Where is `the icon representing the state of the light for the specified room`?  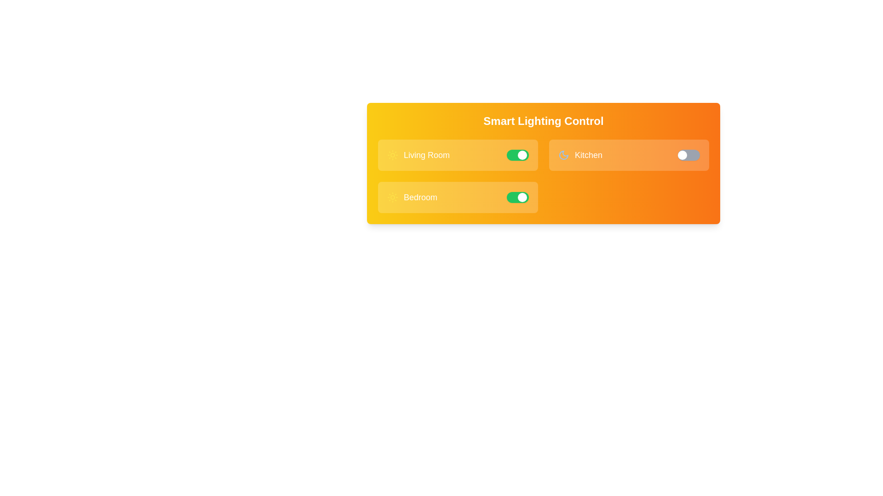
the icon representing the state of the light for the specified room is located at coordinates (393, 155).